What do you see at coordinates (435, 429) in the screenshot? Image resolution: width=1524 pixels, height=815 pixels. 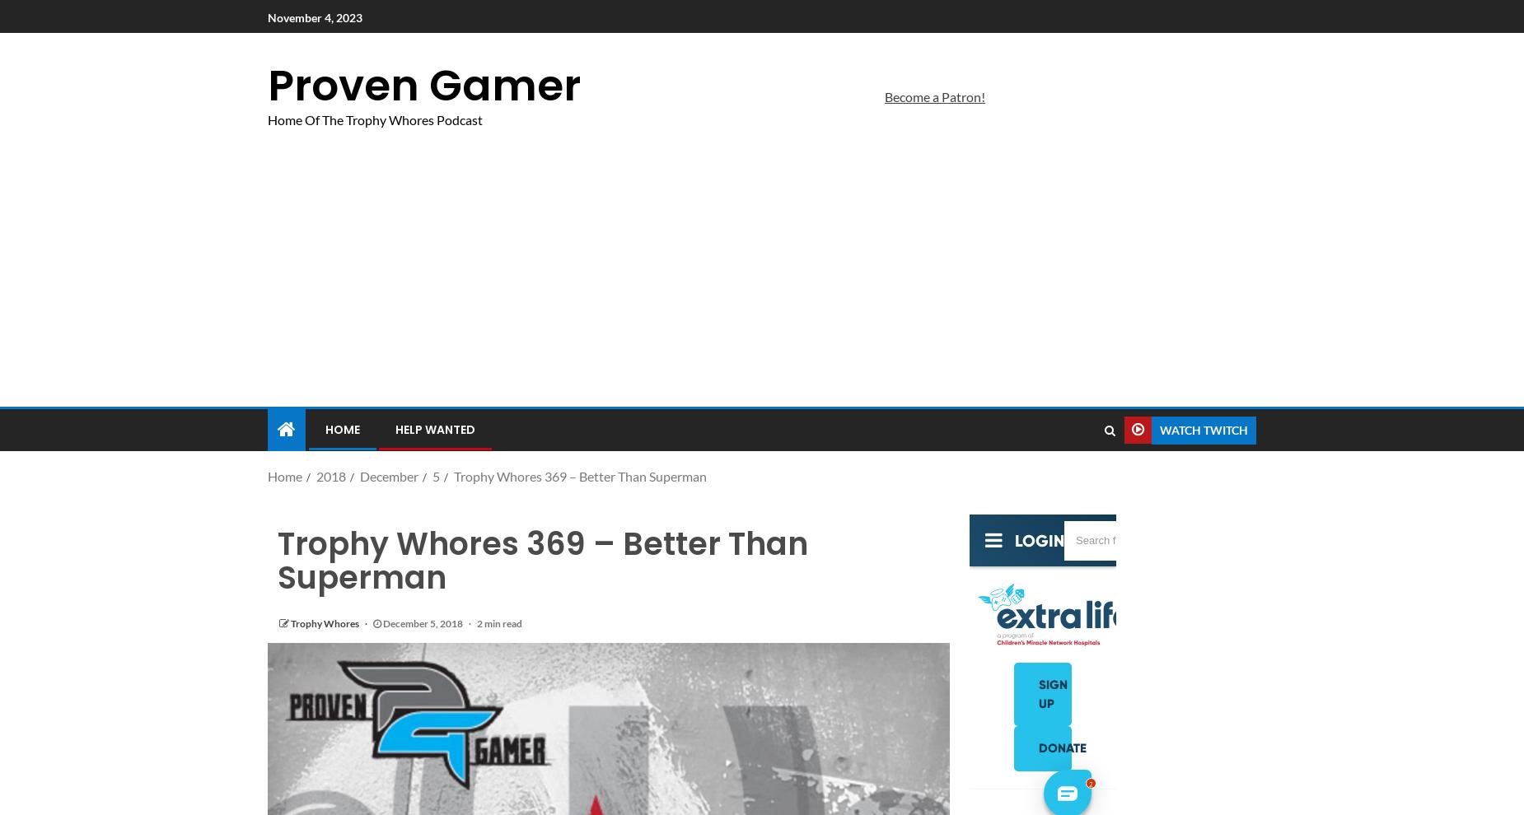 I see `'Help Wanted'` at bounding box center [435, 429].